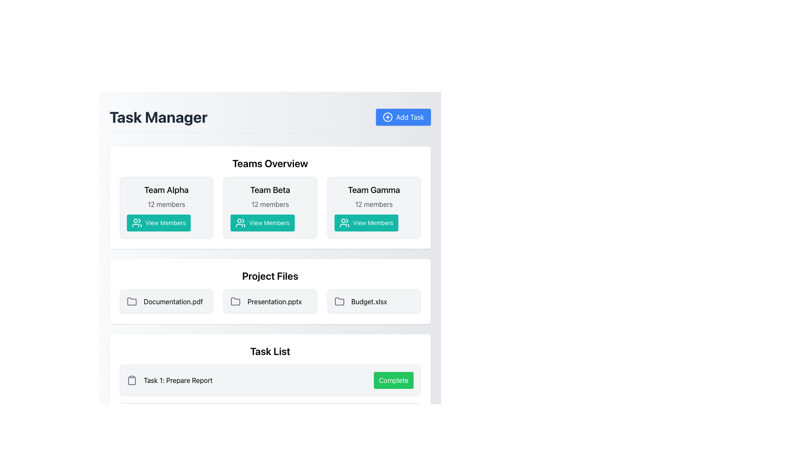  What do you see at coordinates (137, 223) in the screenshot?
I see `the icon representing the 'View Members' button located at the bottom section of the 'Team Alpha' card` at bounding box center [137, 223].